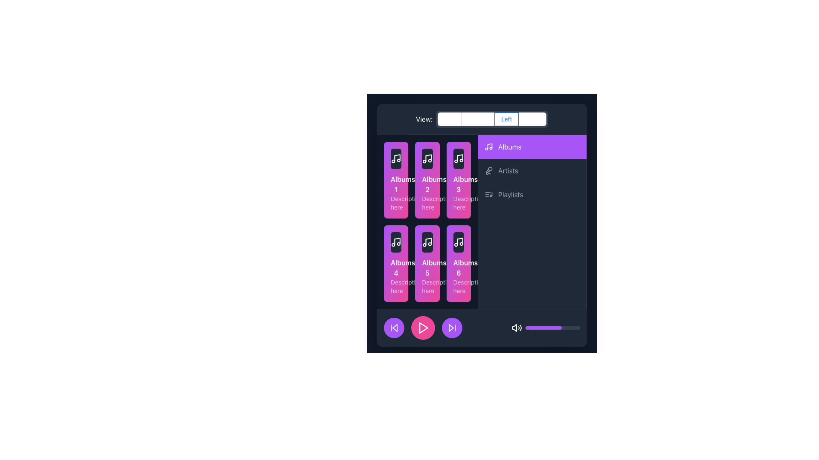 The image size is (819, 460). Describe the element at coordinates (510, 194) in the screenshot. I see `the 'Playlists' text label` at that location.